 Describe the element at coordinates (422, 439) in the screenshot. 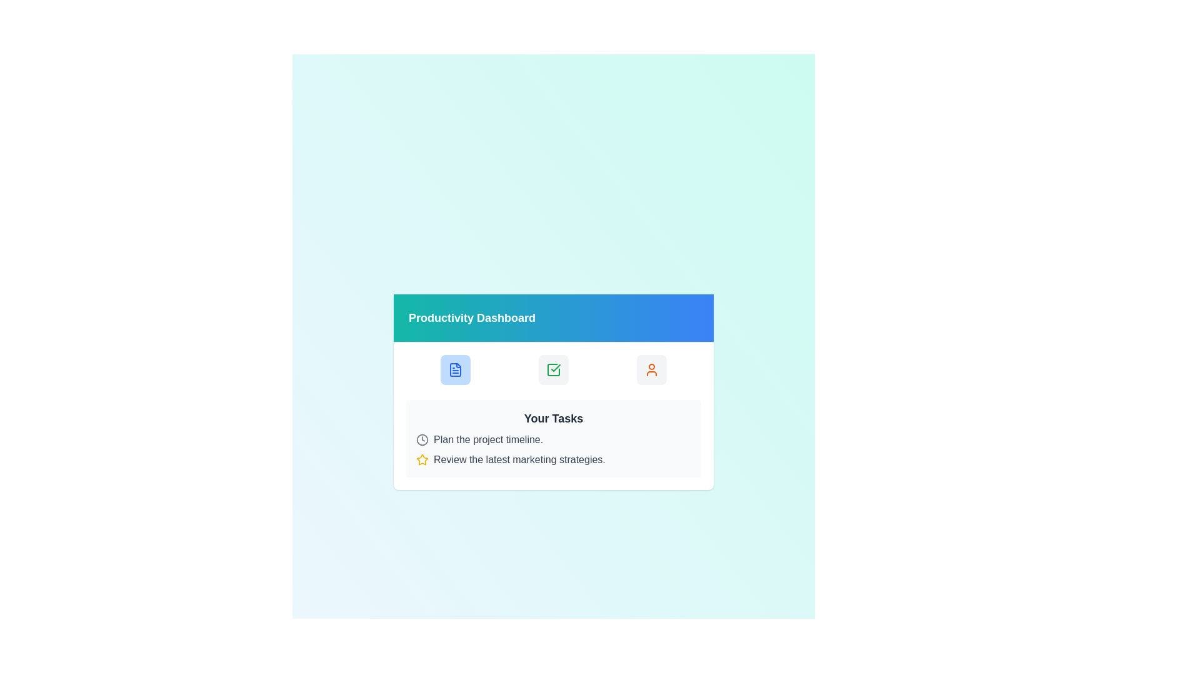

I see `circular outline element that forms the boundary of the clock's face within the SVG clock graphic` at that location.